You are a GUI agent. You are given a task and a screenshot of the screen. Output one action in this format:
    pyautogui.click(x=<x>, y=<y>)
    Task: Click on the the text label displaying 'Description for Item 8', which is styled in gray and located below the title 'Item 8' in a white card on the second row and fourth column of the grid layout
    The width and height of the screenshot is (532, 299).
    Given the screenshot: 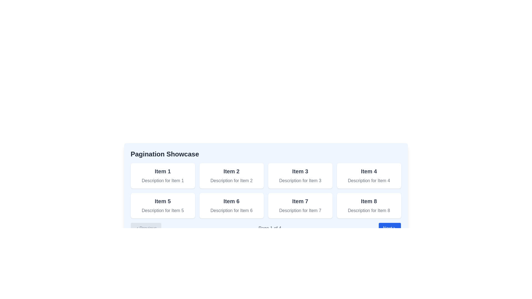 What is the action you would take?
    pyautogui.click(x=369, y=210)
    